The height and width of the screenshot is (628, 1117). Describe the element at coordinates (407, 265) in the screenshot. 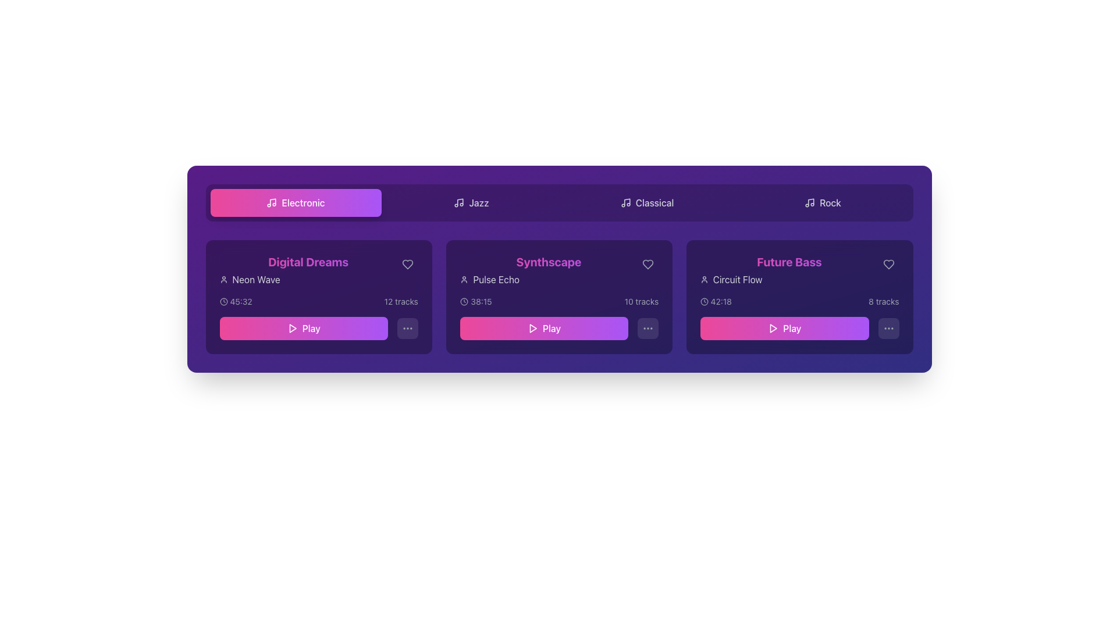

I see `the heart-shaped button located at the top-right corner of the 'Digital Dreams' card to like or favorite the item` at that location.